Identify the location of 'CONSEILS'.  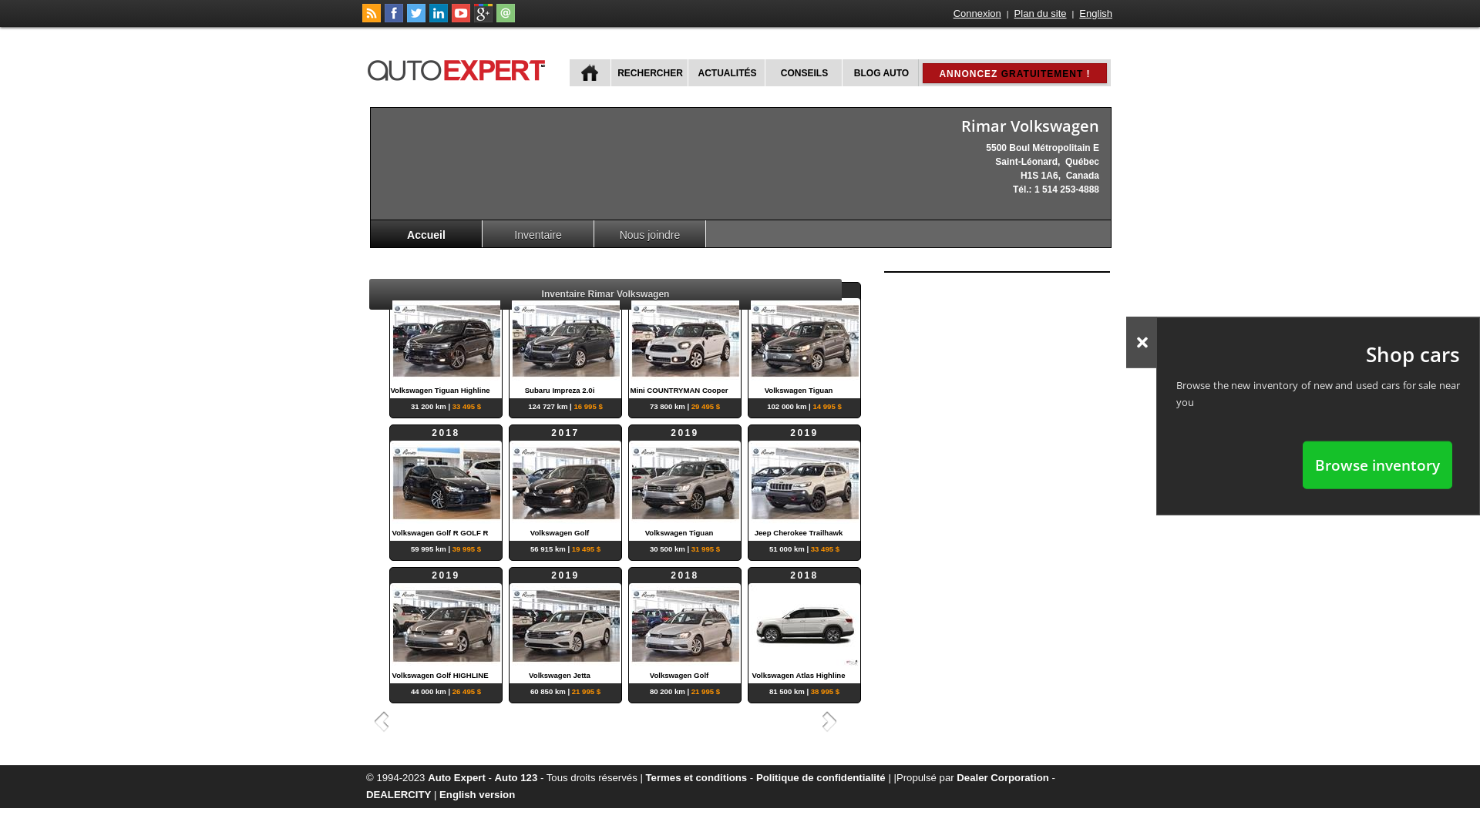
(765, 72).